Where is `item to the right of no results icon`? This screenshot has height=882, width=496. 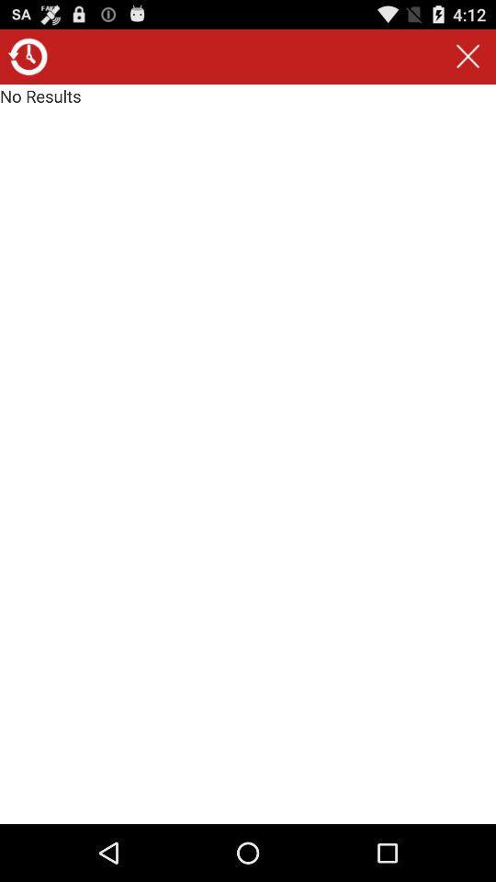
item to the right of no results icon is located at coordinates (468, 56).